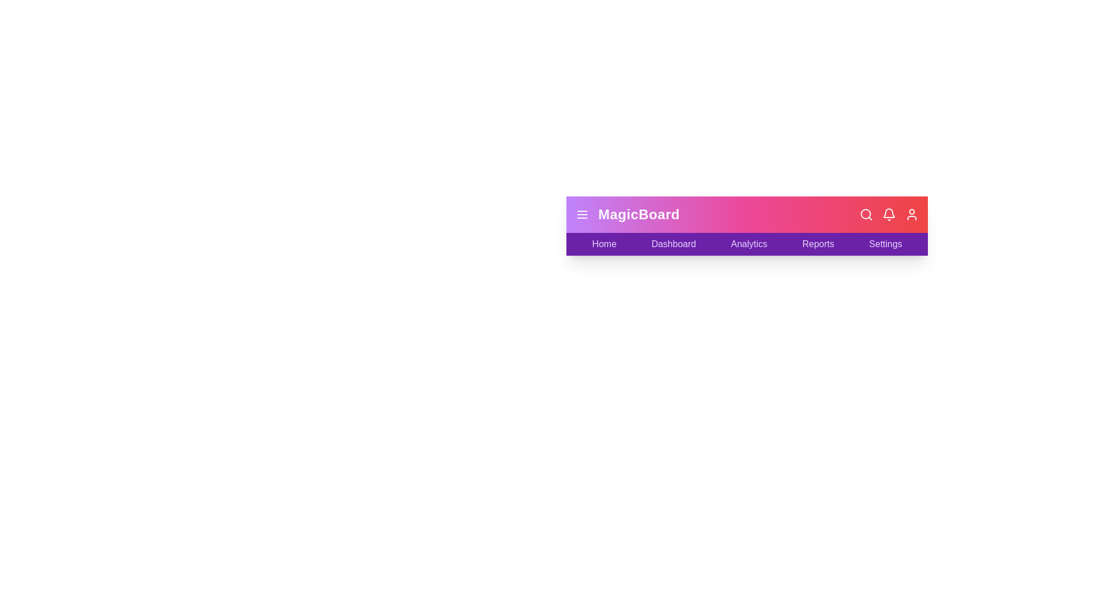  I want to click on the Dashboard label to navigate to the respective section, so click(673, 243).